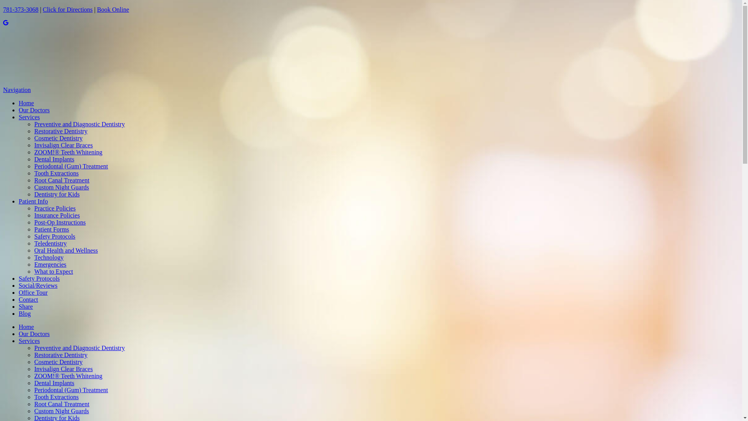 Image resolution: width=748 pixels, height=421 pixels. What do you see at coordinates (67, 9) in the screenshot?
I see `'Click for Directions'` at bounding box center [67, 9].